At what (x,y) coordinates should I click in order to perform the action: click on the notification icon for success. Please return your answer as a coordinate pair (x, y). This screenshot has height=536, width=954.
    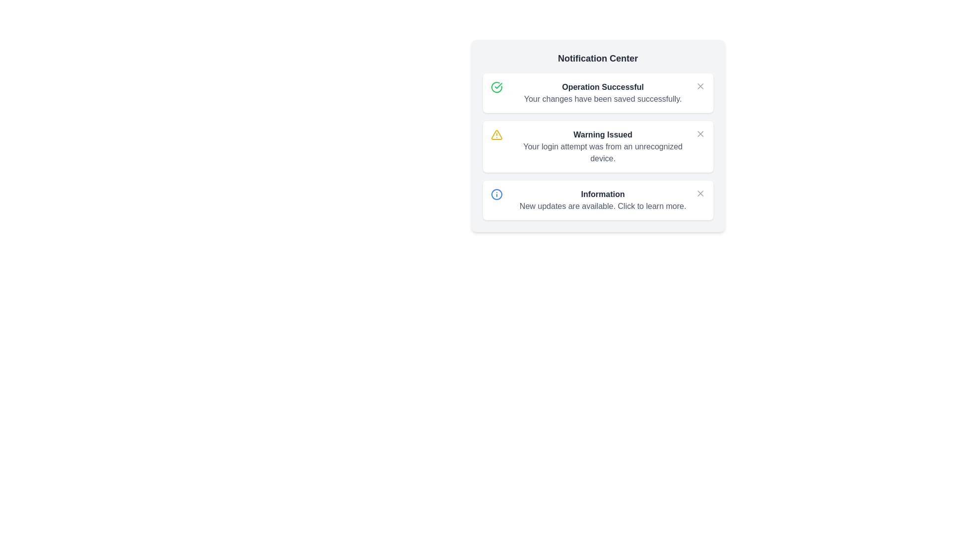
    Looking at the image, I should click on (700, 85).